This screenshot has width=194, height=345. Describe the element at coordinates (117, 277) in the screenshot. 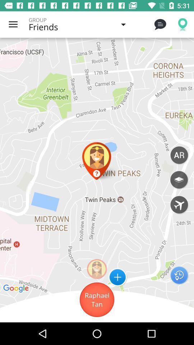

I see `the add icon` at that location.